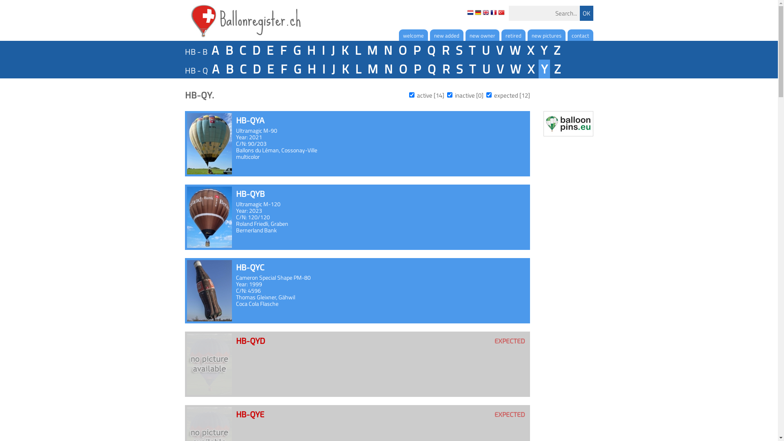  What do you see at coordinates (323, 69) in the screenshot?
I see `'I'` at bounding box center [323, 69].